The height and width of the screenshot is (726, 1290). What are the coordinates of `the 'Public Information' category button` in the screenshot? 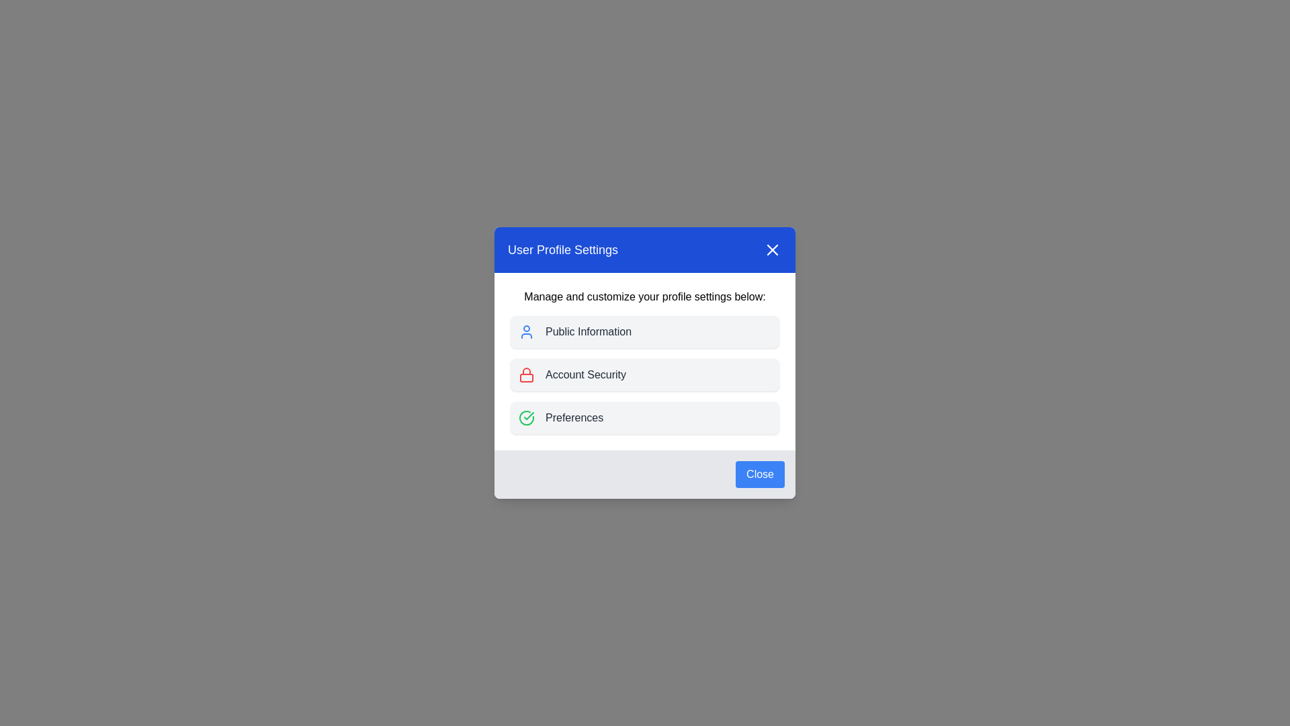 It's located at (645, 331).